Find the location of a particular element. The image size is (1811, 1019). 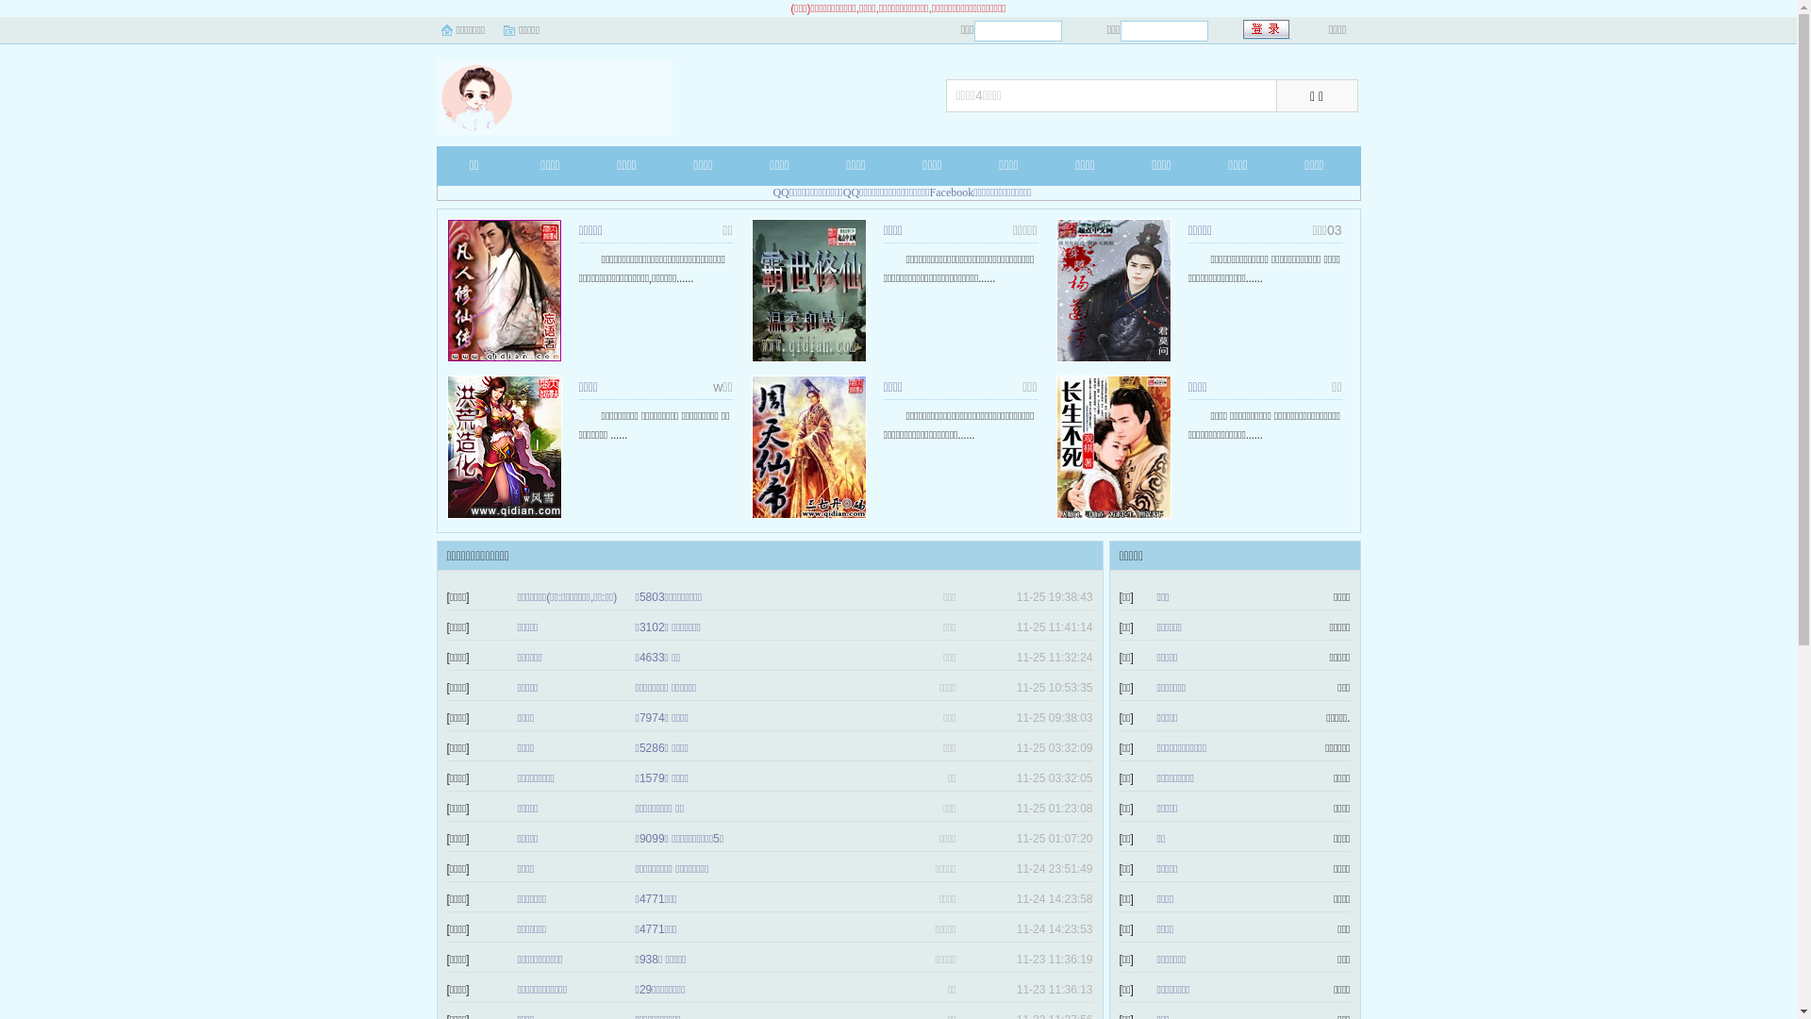

'Facebook' is located at coordinates (952, 192).